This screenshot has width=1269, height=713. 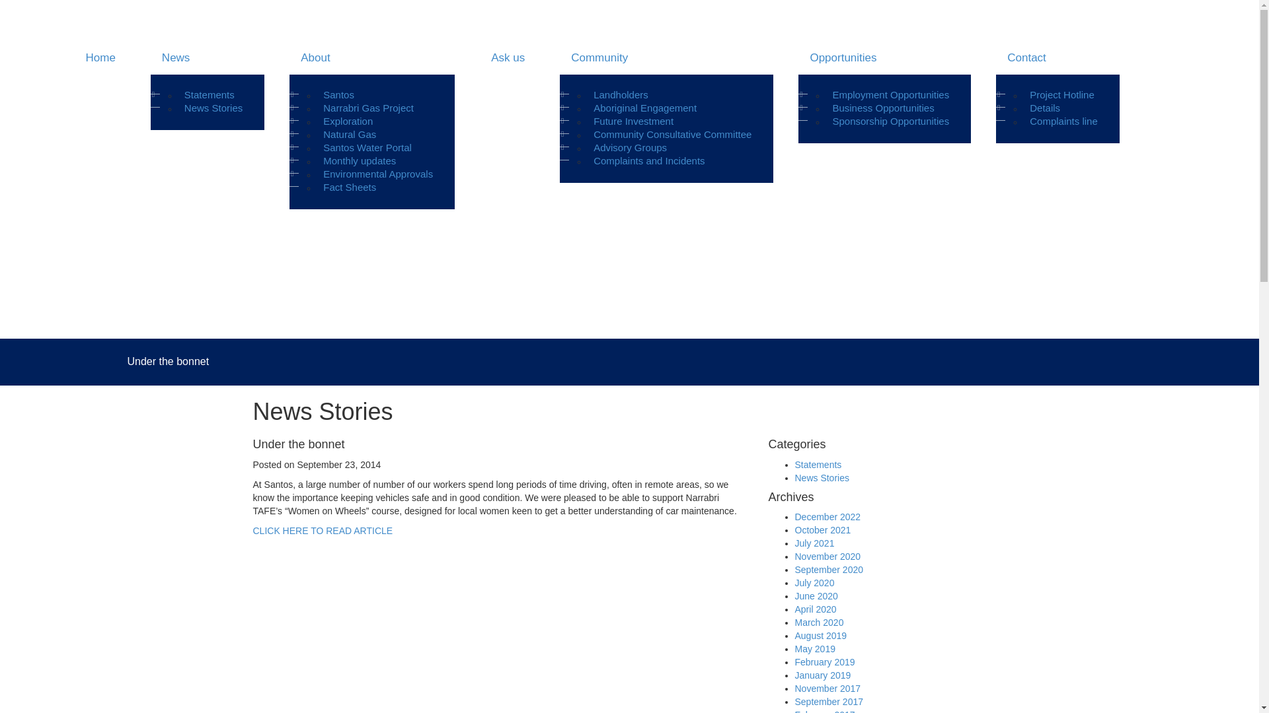 What do you see at coordinates (818, 622) in the screenshot?
I see `'March 2020'` at bounding box center [818, 622].